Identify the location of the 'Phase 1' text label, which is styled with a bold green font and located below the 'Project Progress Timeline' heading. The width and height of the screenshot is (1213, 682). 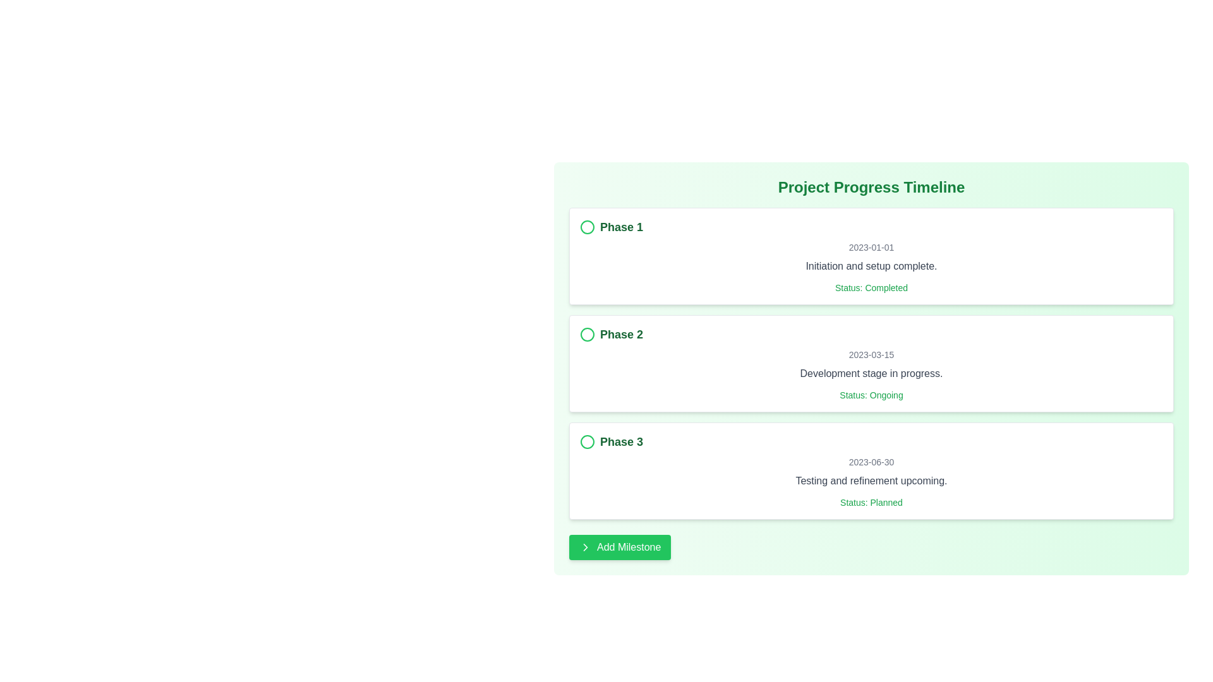
(621, 226).